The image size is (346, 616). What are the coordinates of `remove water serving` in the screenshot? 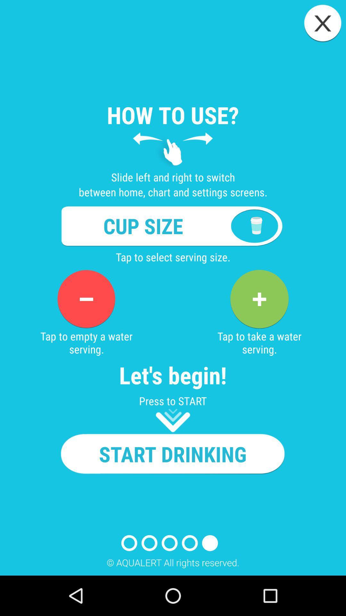 It's located at (86, 299).